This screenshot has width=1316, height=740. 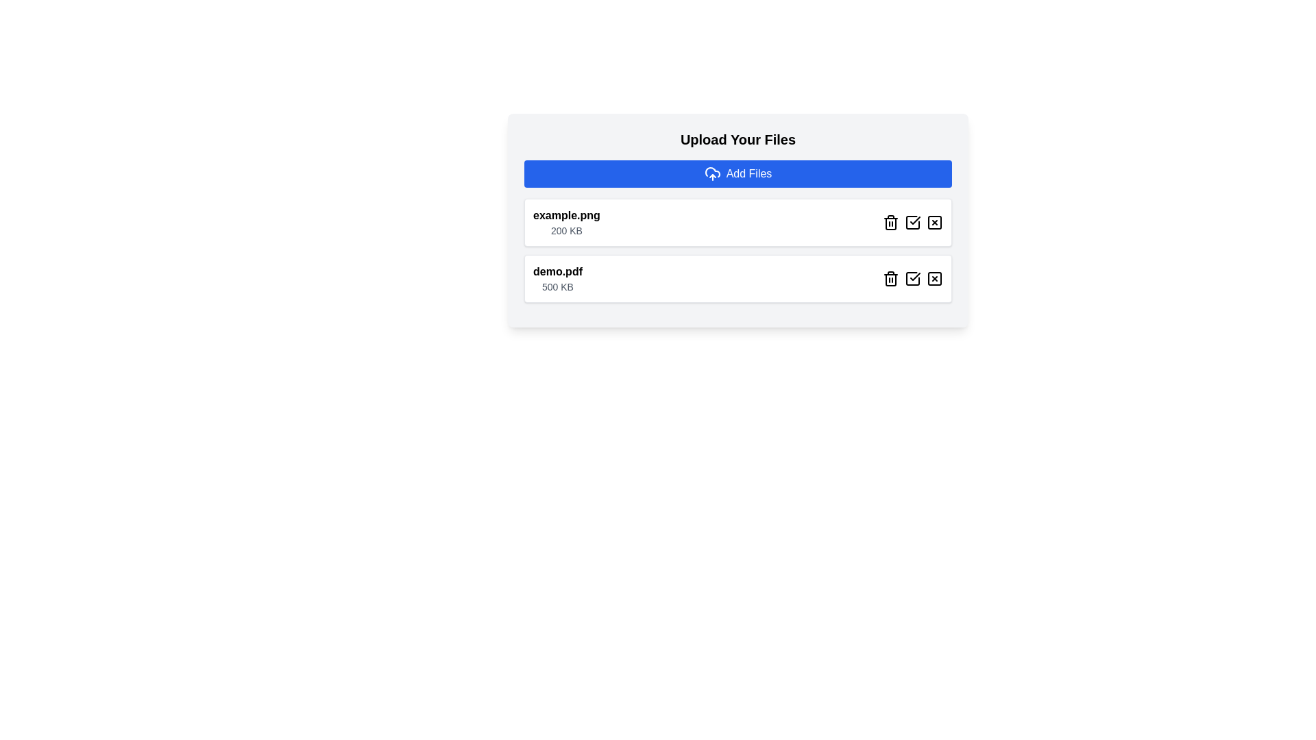 I want to click on the second button in the row of interactive icons, which represents a checklist and is located between the trash icon button on the left and the close icon button on the right within the file entry row labeled 'example.png 200 KB', so click(x=912, y=221).